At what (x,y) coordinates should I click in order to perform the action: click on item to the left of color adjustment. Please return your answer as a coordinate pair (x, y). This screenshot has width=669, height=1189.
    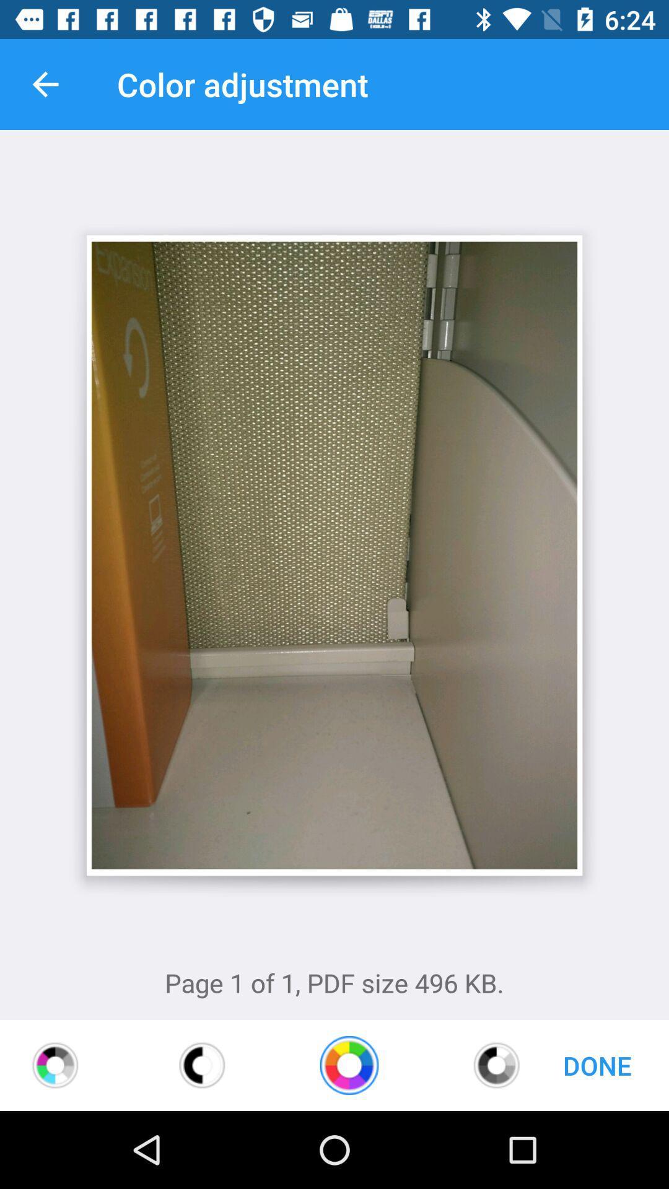
    Looking at the image, I should click on (45, 84).